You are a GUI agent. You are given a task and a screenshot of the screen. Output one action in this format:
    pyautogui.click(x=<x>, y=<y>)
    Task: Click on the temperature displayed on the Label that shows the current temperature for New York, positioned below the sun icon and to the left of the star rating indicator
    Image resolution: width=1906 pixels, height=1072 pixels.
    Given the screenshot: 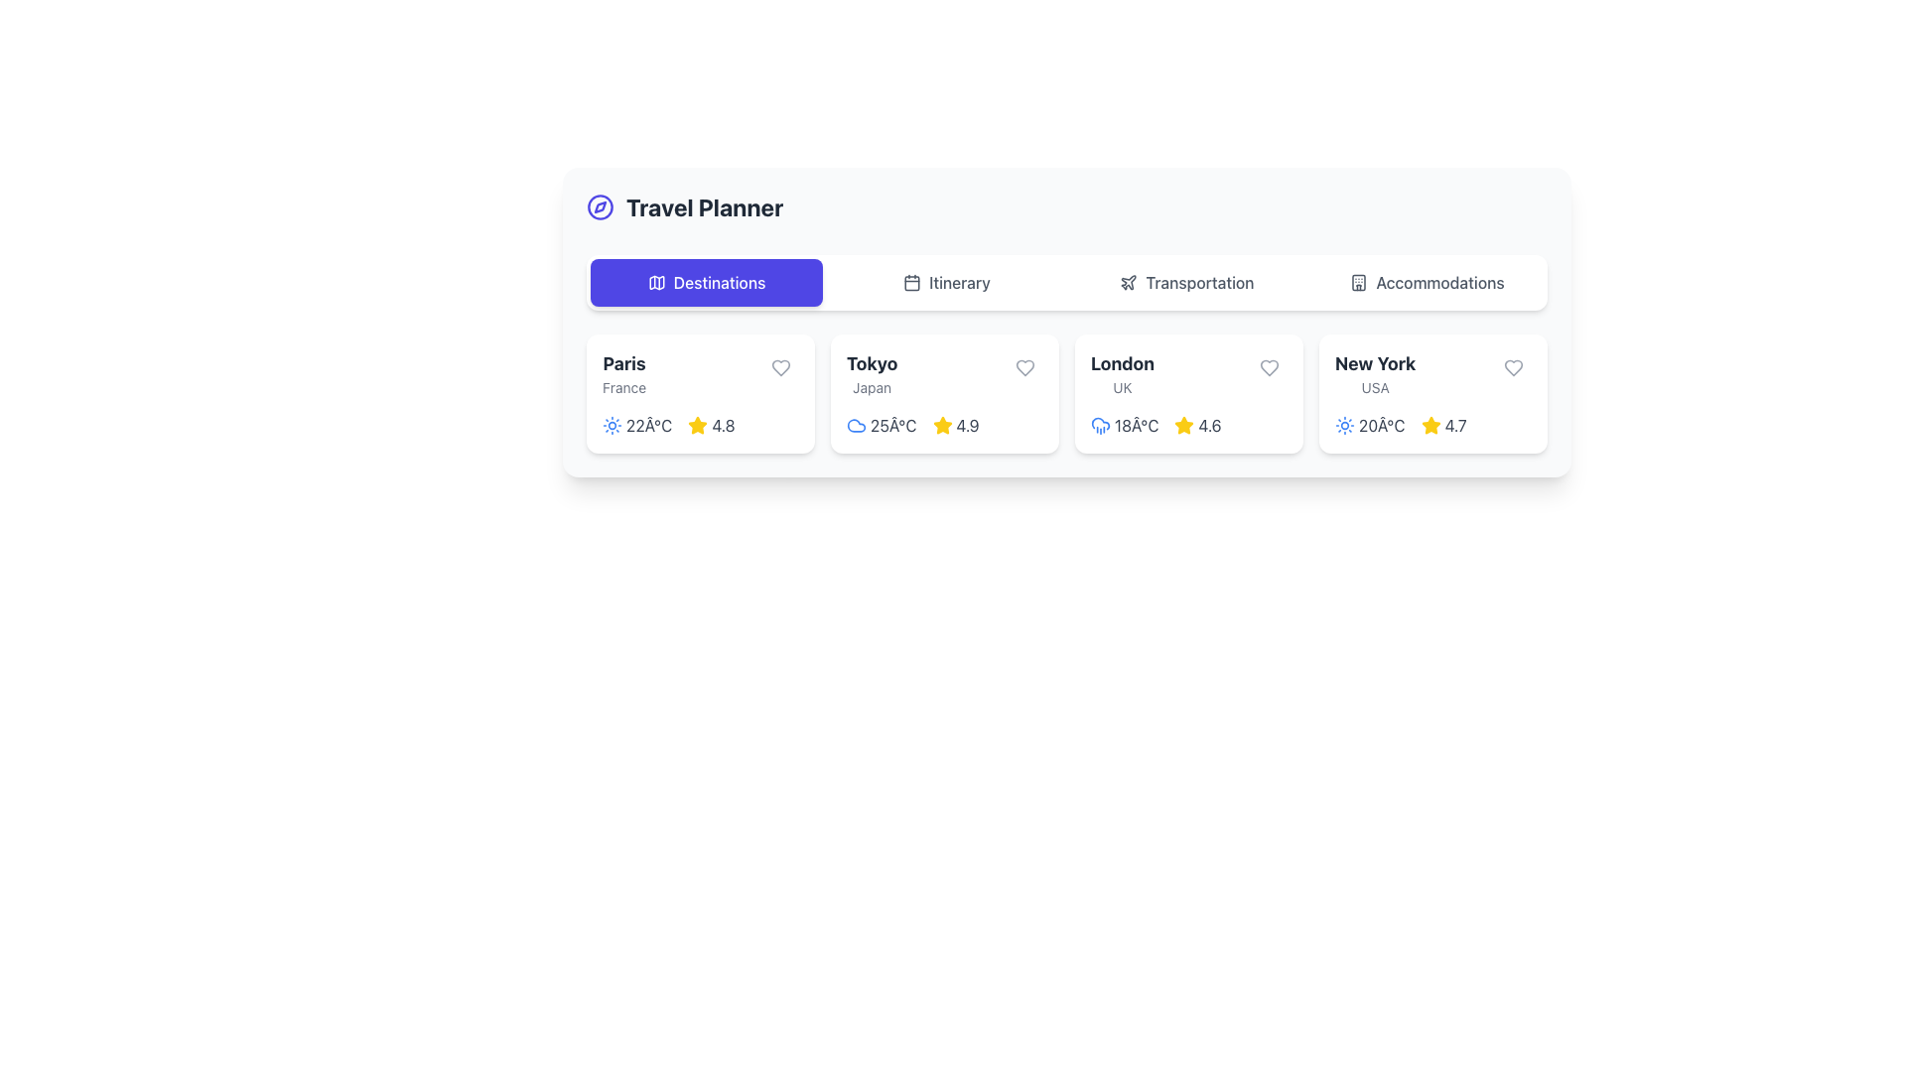 What is the action you would take?
    pyautogui.click(x=1381, y=424)
    